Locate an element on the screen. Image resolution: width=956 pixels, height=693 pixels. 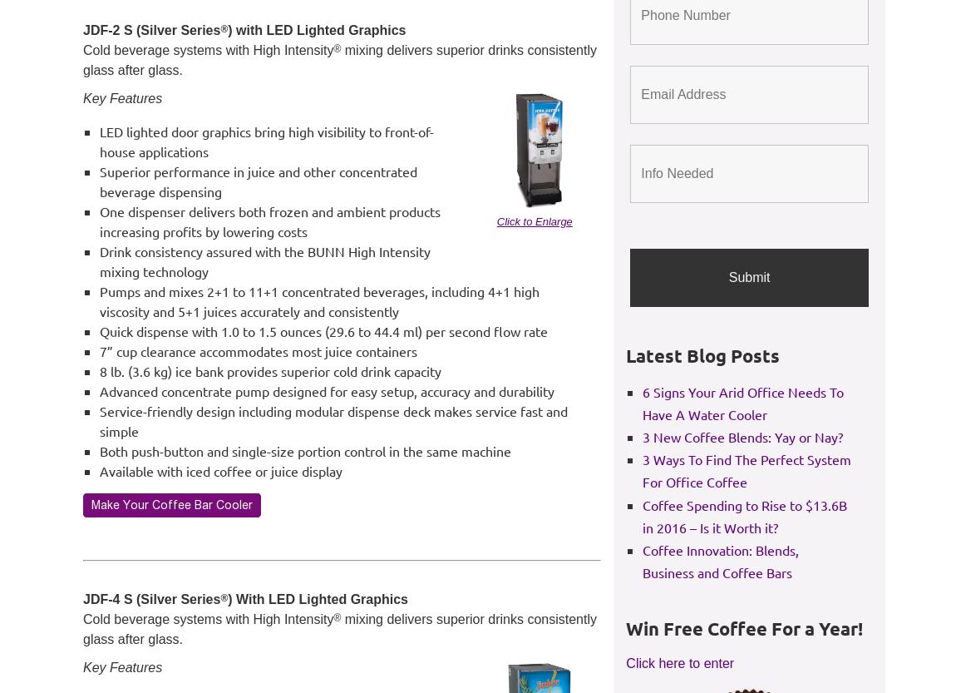
') with LED Lighted Graphics' is located at coordinates (316, 30).